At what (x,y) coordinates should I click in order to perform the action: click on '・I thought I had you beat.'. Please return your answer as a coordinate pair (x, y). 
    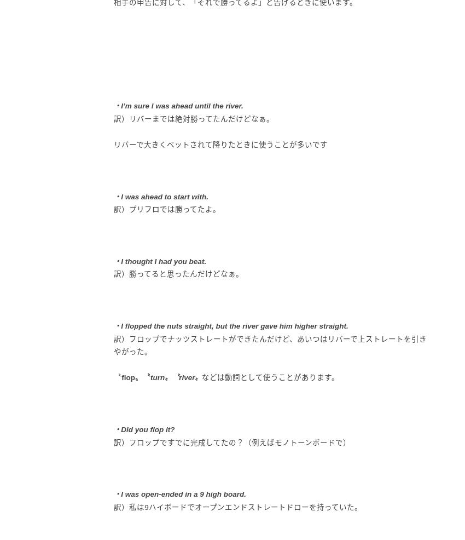
    Looking at the image, I should click on (159, 261).